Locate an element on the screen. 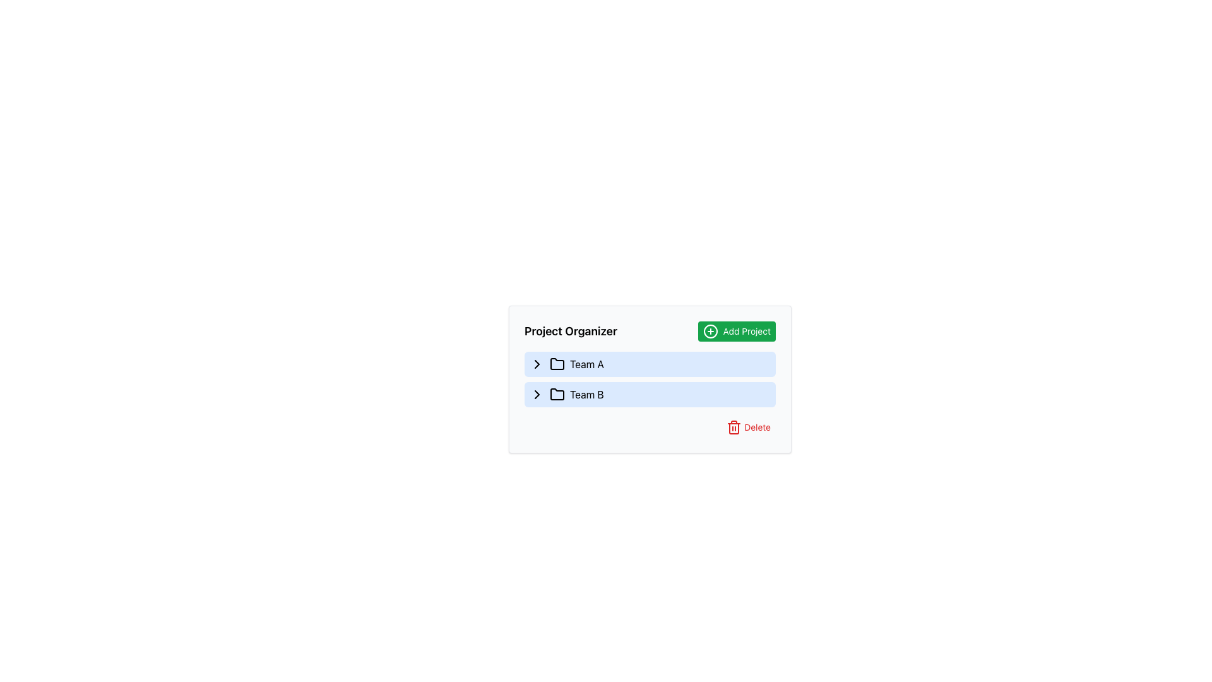 This screenshot has height=682, width=1212. the icon within the 'Add Project' button to trigger hover effects is located at coordinates (710, 330).